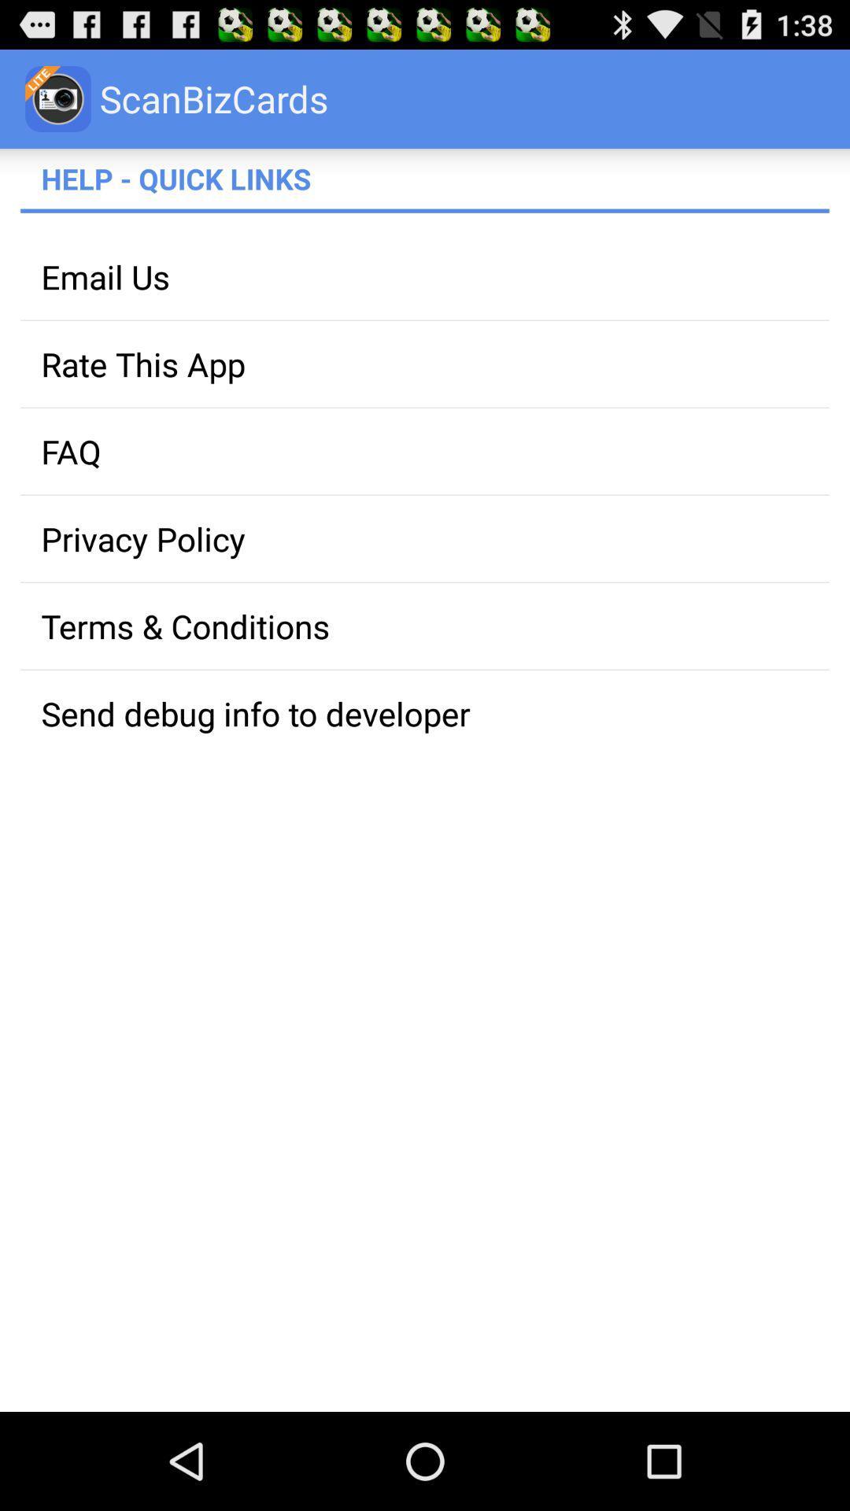 The image size is (850, 1511). I want to click on app above faq icon, so click(425, 363).